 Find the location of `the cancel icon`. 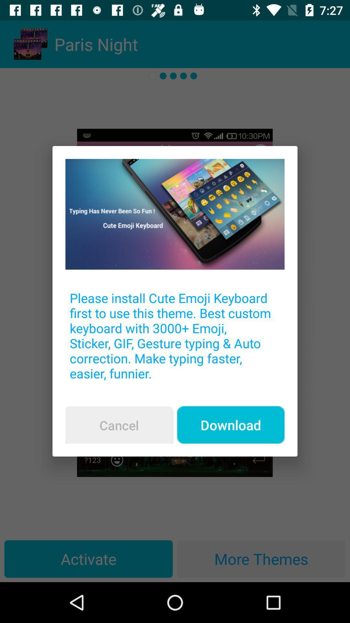

the cancel icon is located at coordinates (119, 425).